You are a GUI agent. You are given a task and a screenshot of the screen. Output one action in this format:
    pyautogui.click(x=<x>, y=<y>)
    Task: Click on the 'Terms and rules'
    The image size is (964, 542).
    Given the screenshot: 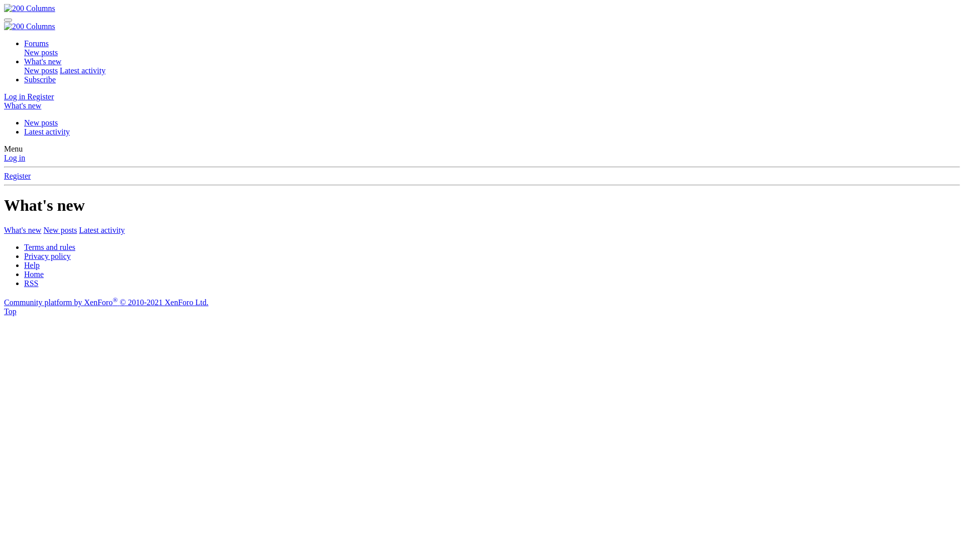 What is the action you would take?
    pyautogui.click(x=49, y=247)
    